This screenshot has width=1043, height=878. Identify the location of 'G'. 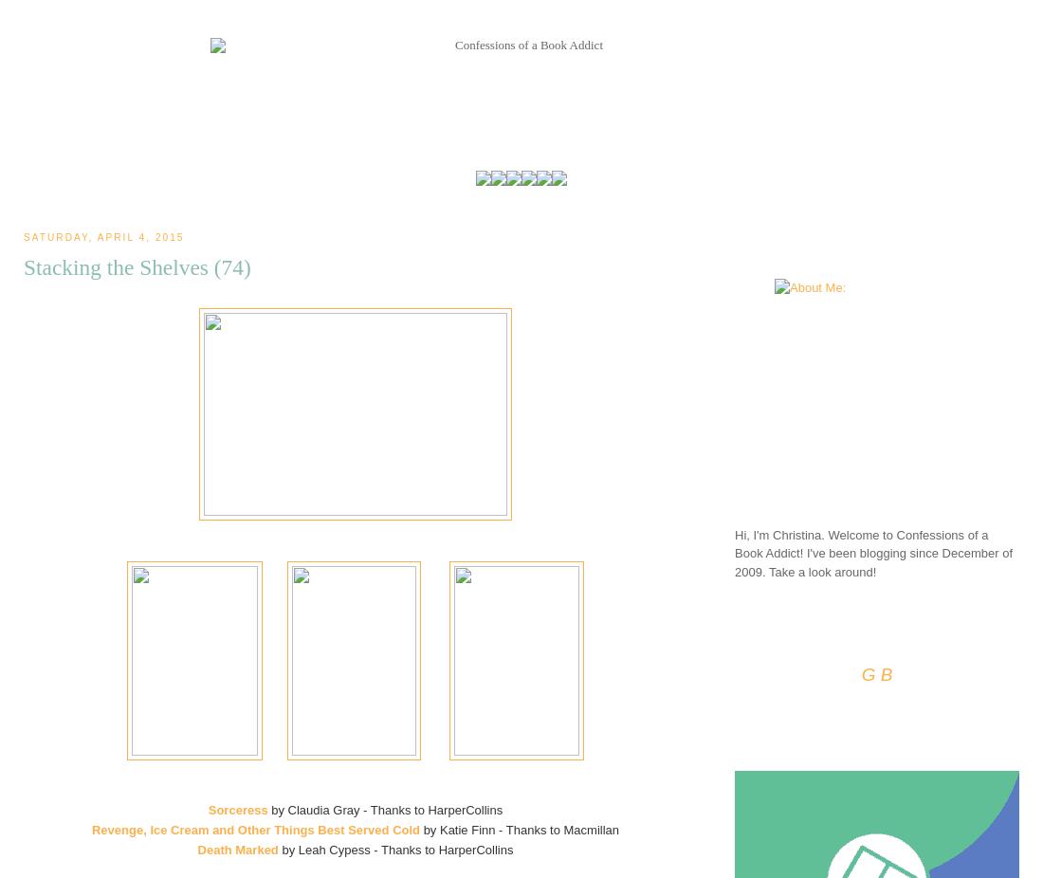
(868, 674).